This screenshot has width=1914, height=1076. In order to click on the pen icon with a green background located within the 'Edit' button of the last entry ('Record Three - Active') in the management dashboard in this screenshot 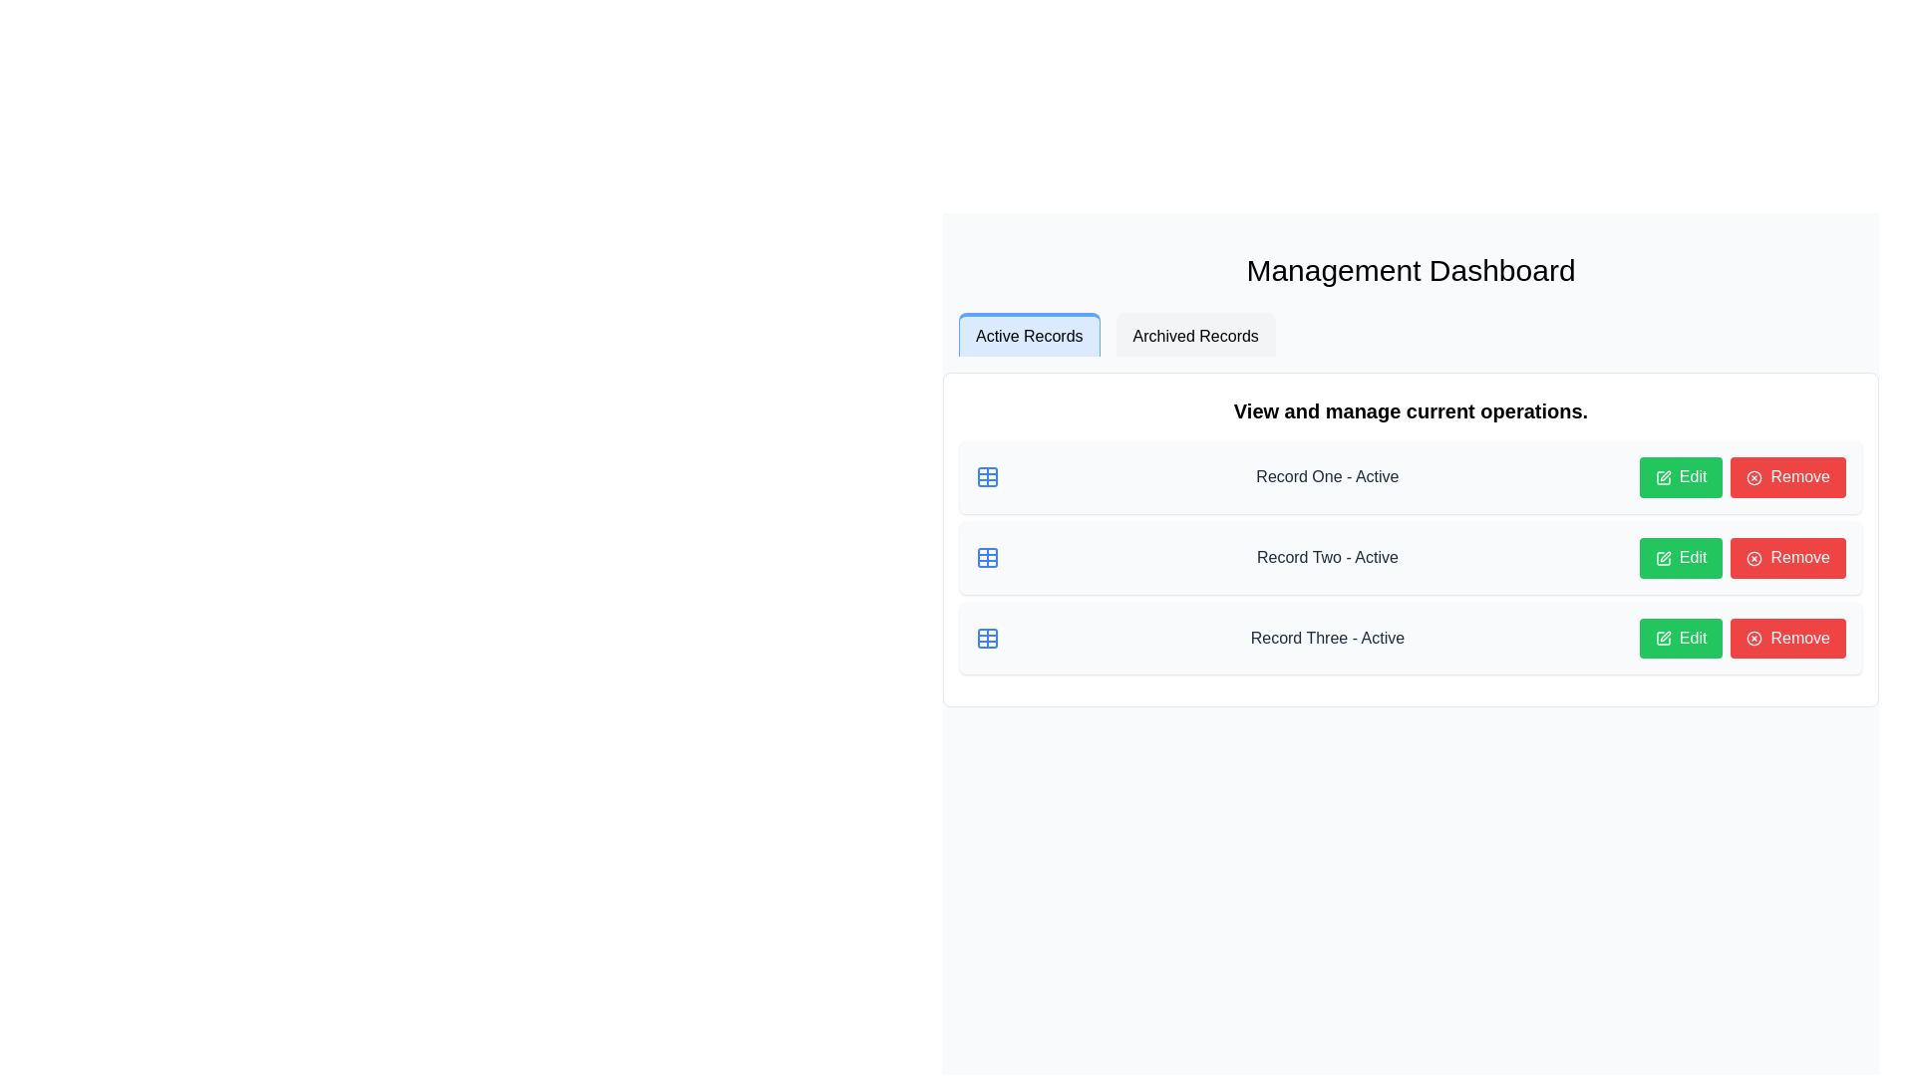, I will do `click(1663, 639)`.